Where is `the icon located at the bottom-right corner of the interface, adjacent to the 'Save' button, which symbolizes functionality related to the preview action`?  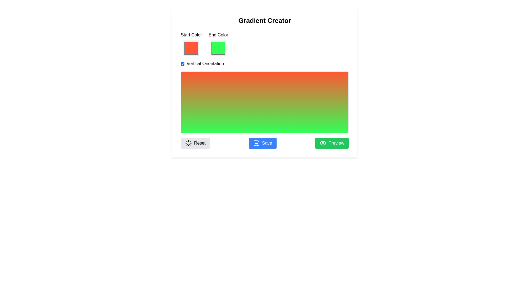 the icon located at the bottom-right corner of the interface, adjacent to the 'Save' button, which symbolizes functionality related to the preview action is located at coordinates (323, 143).